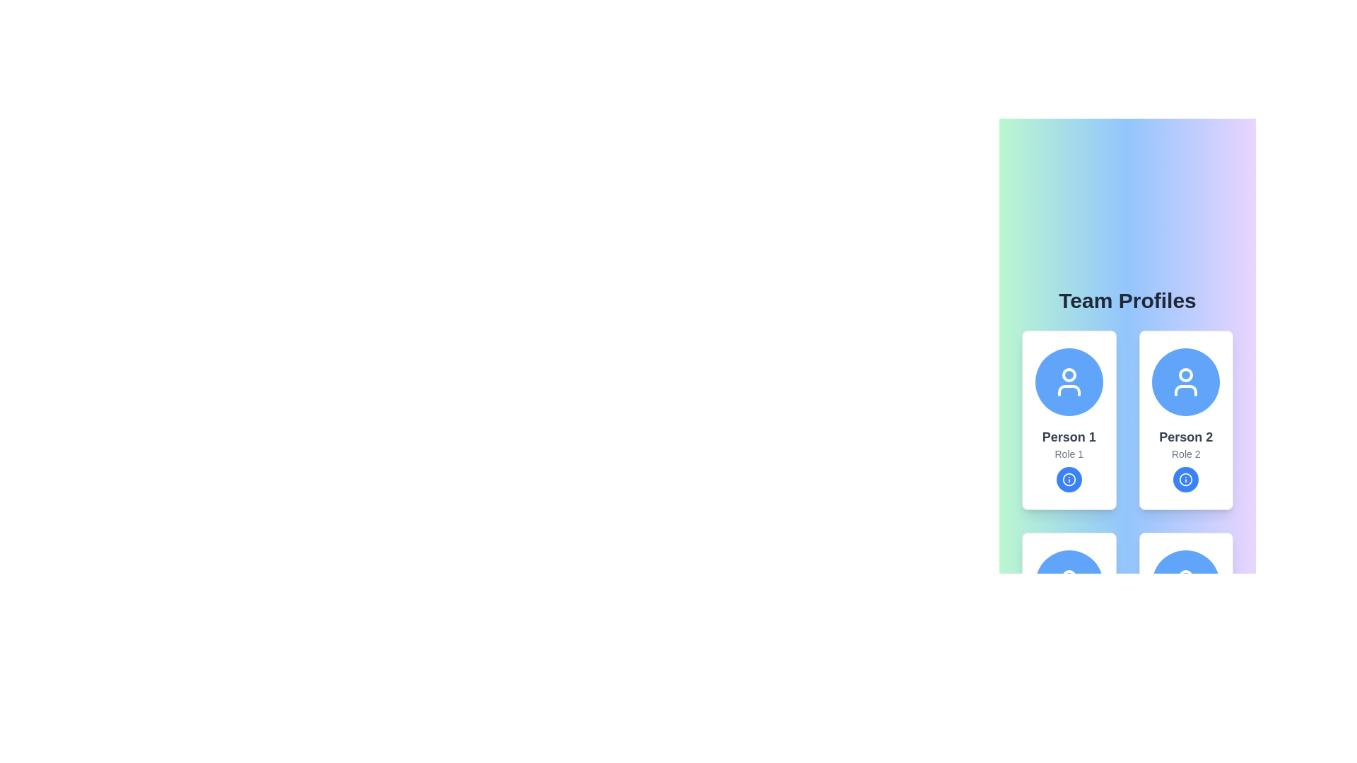 This screenshot has width=1357, height=763. I want to click on text heading that says 'Team Profiles', which is bold and large, located at the top center of the section with a gradient background, so click(1127, 300).